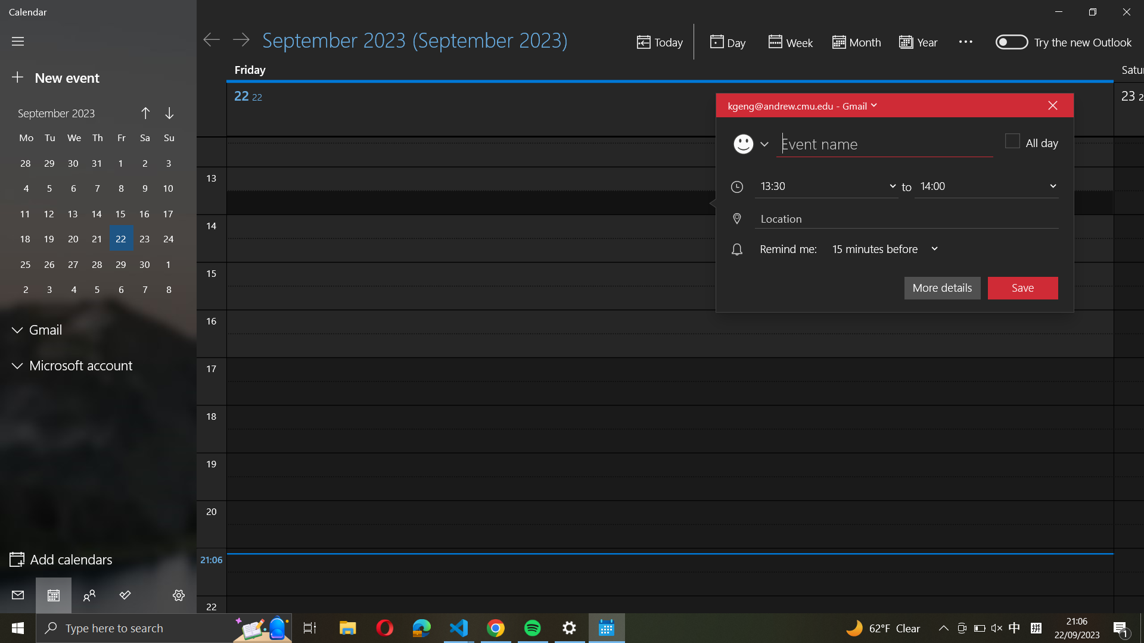 The width and height of the screenshot is (1144, 643). Describe the element at coordinates (921, 41) in the screenshot. I see `the annual calendar` at that location.